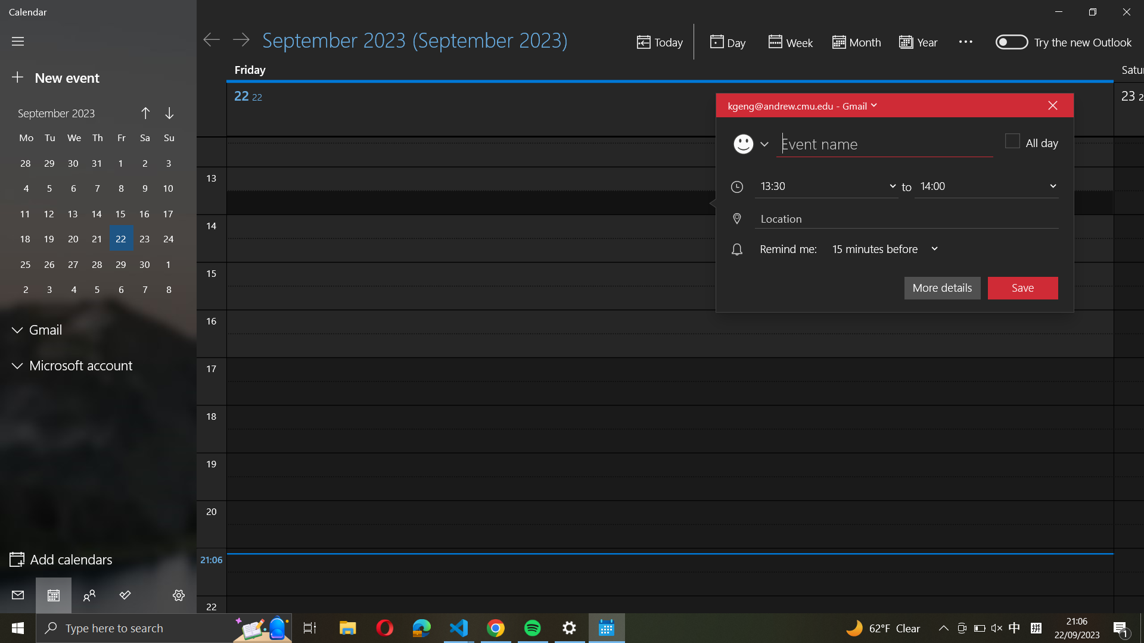 The width and height of the screenshot is (1144, 643). Describe the element at coordinates (921, 41) in the screenshot. I see `the annual calendar` at that location.